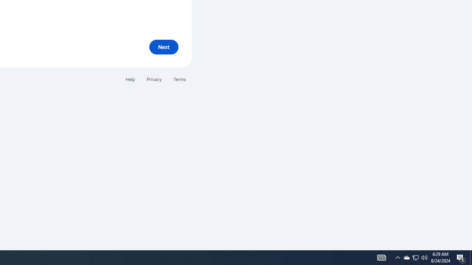 The height and width of the screenshot is (265, 472). What do you see at coordinates (163, 47) in the screenshot?
I see `'Next'` at bounding box center [163, 47].